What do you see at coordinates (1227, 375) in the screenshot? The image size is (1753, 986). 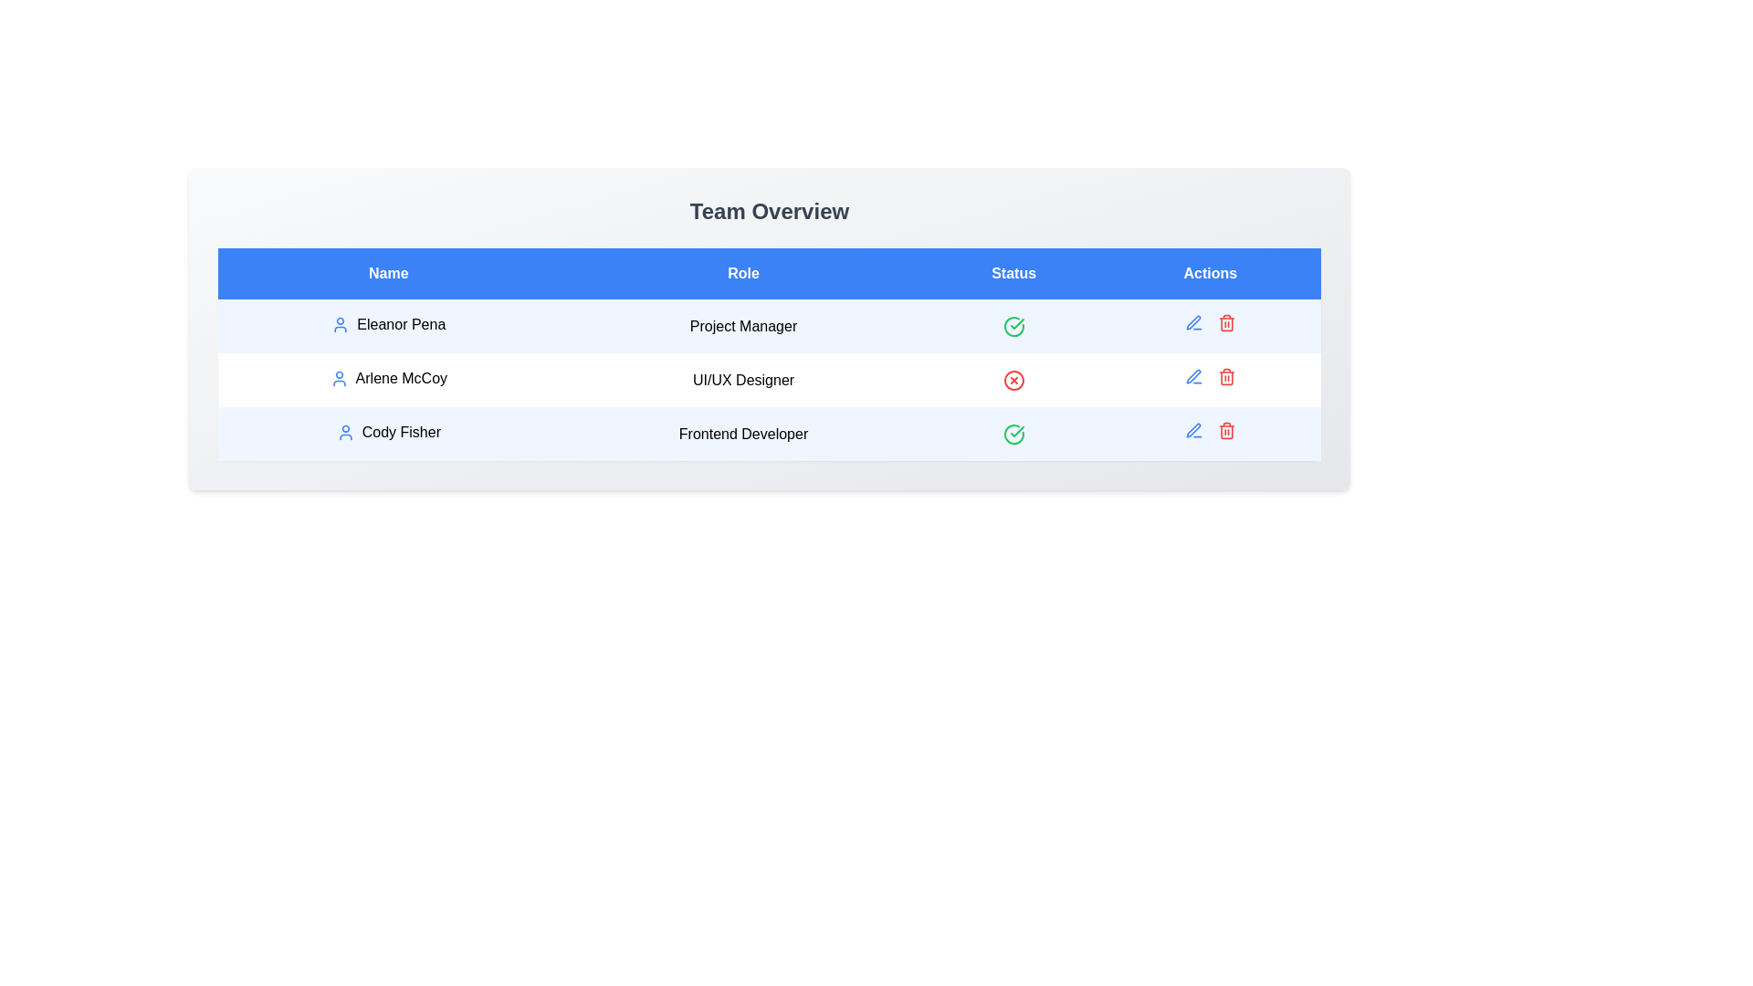 I see `the delete button located in the third row of the table within the Actions column, to the right of the Edit icon` at bounding box center [1227, 375].